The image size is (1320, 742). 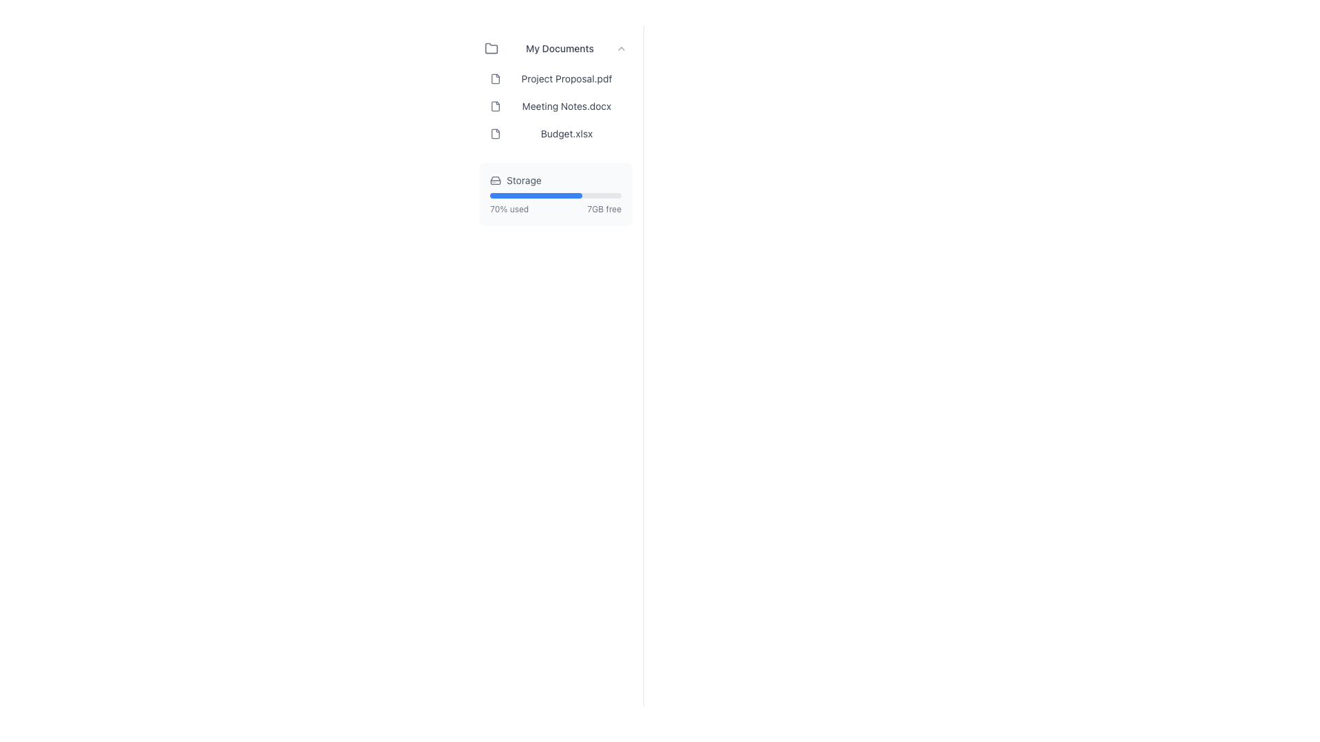 I want to click on the file entry named 'Budget.xlsx' located, so click(x=558, y=134).